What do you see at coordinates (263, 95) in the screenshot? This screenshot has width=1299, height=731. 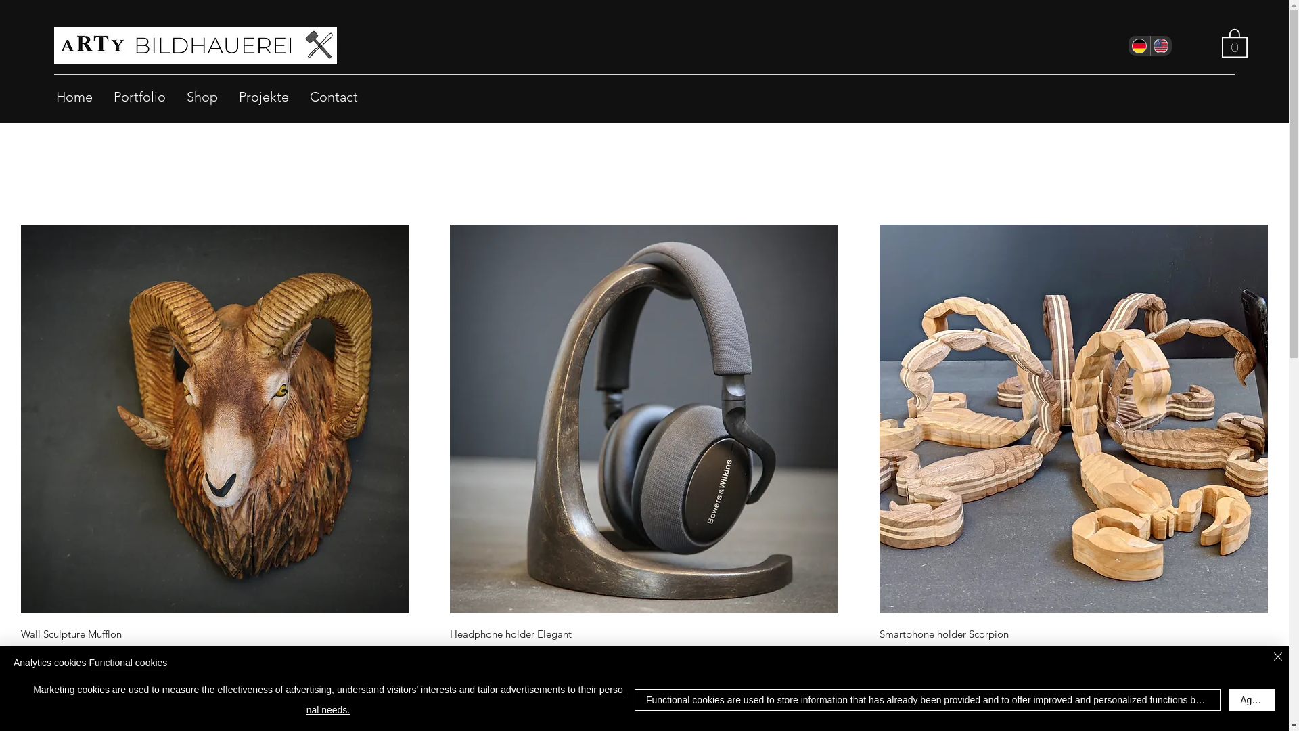 I see `'Projekte'` at bounding box center [263, 95].